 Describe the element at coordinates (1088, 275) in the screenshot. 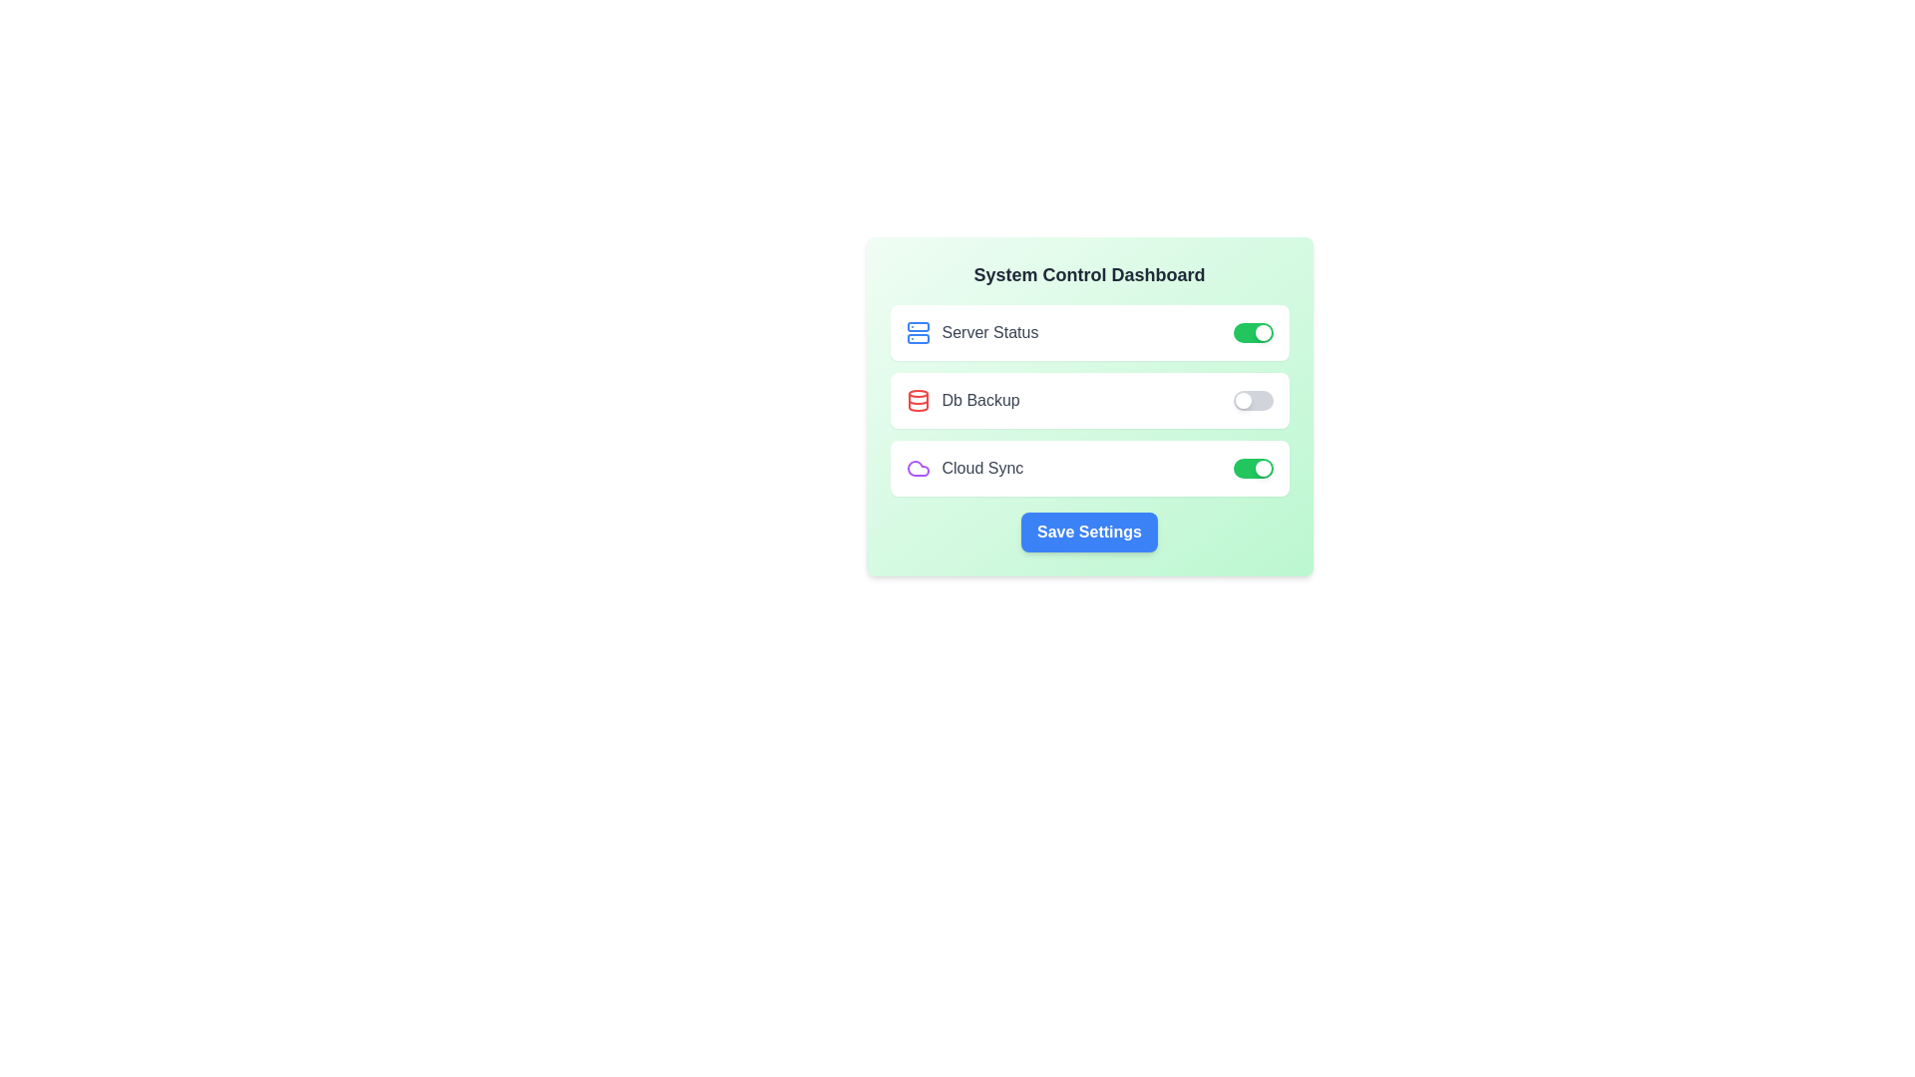

I see `the 'System Control Dashboard' title` at that location.